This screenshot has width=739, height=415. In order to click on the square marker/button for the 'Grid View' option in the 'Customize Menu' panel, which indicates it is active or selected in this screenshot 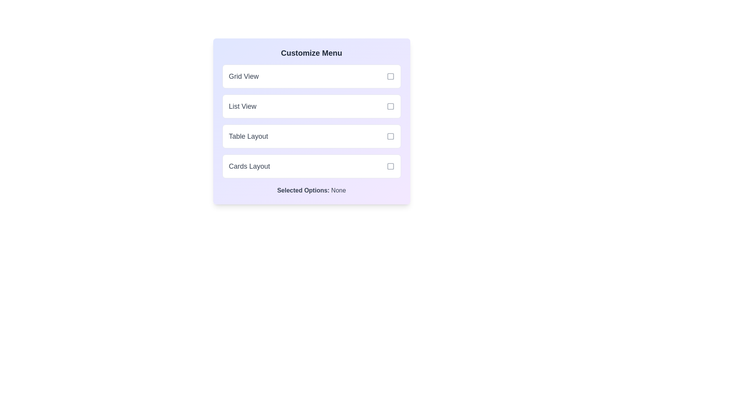, I will do `click(390, 76)`.